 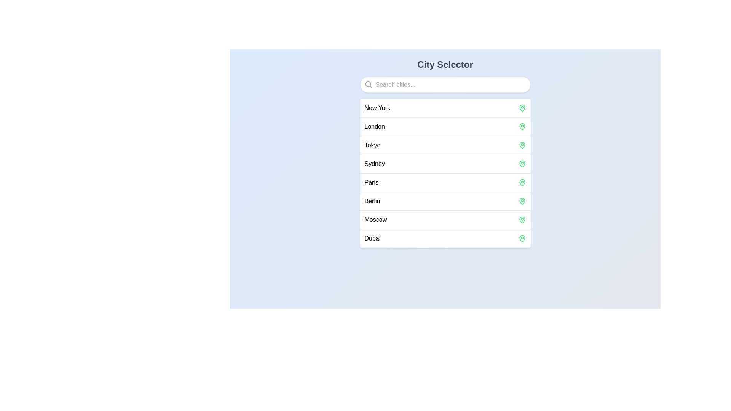 What do you see at coordinates (522, 201) in the screenshot?
I see `the SVG map pin icon associated with the location 'Berlin'` at bounding box center [522, 201].